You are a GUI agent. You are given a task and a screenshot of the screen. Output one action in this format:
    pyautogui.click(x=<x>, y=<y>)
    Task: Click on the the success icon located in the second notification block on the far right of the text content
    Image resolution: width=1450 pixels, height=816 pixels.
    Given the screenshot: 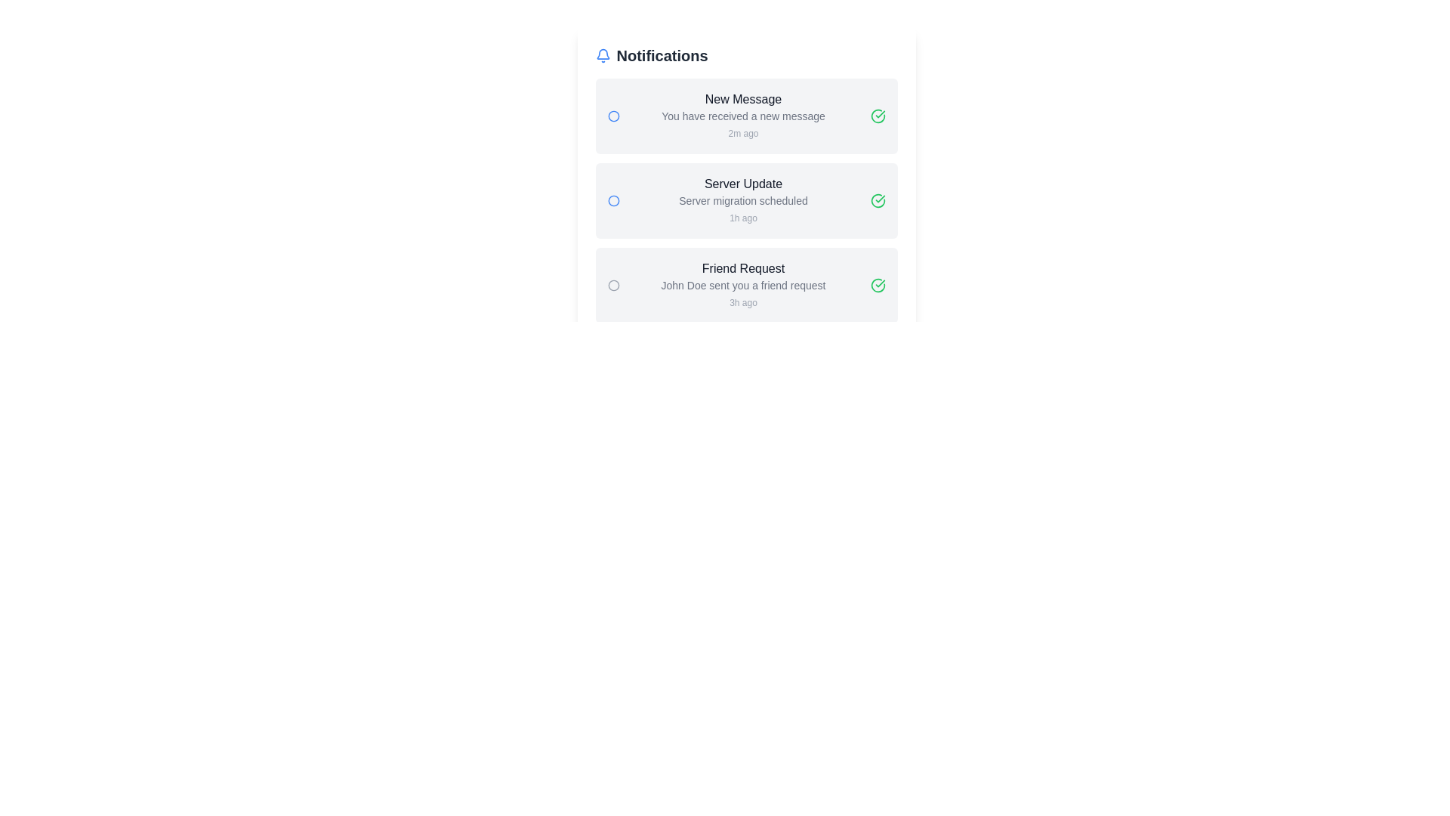 What is the action you would take?
    pyautogui.click(x=878, y=116)
    